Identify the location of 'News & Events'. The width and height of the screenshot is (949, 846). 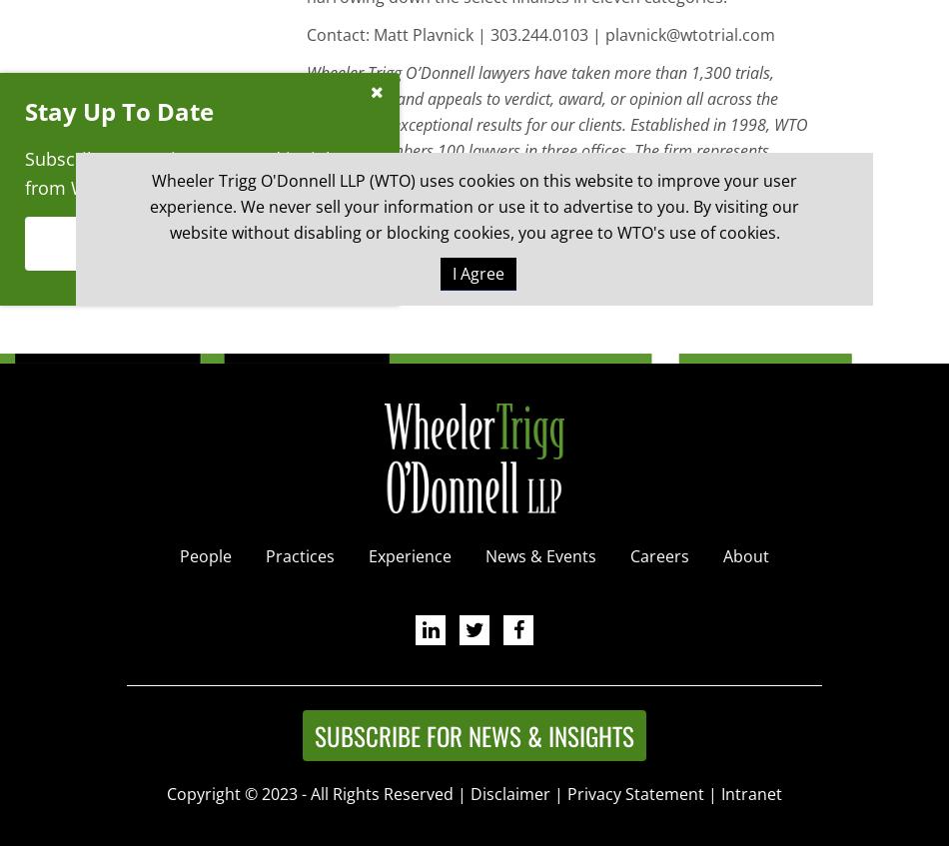
(540, 554).